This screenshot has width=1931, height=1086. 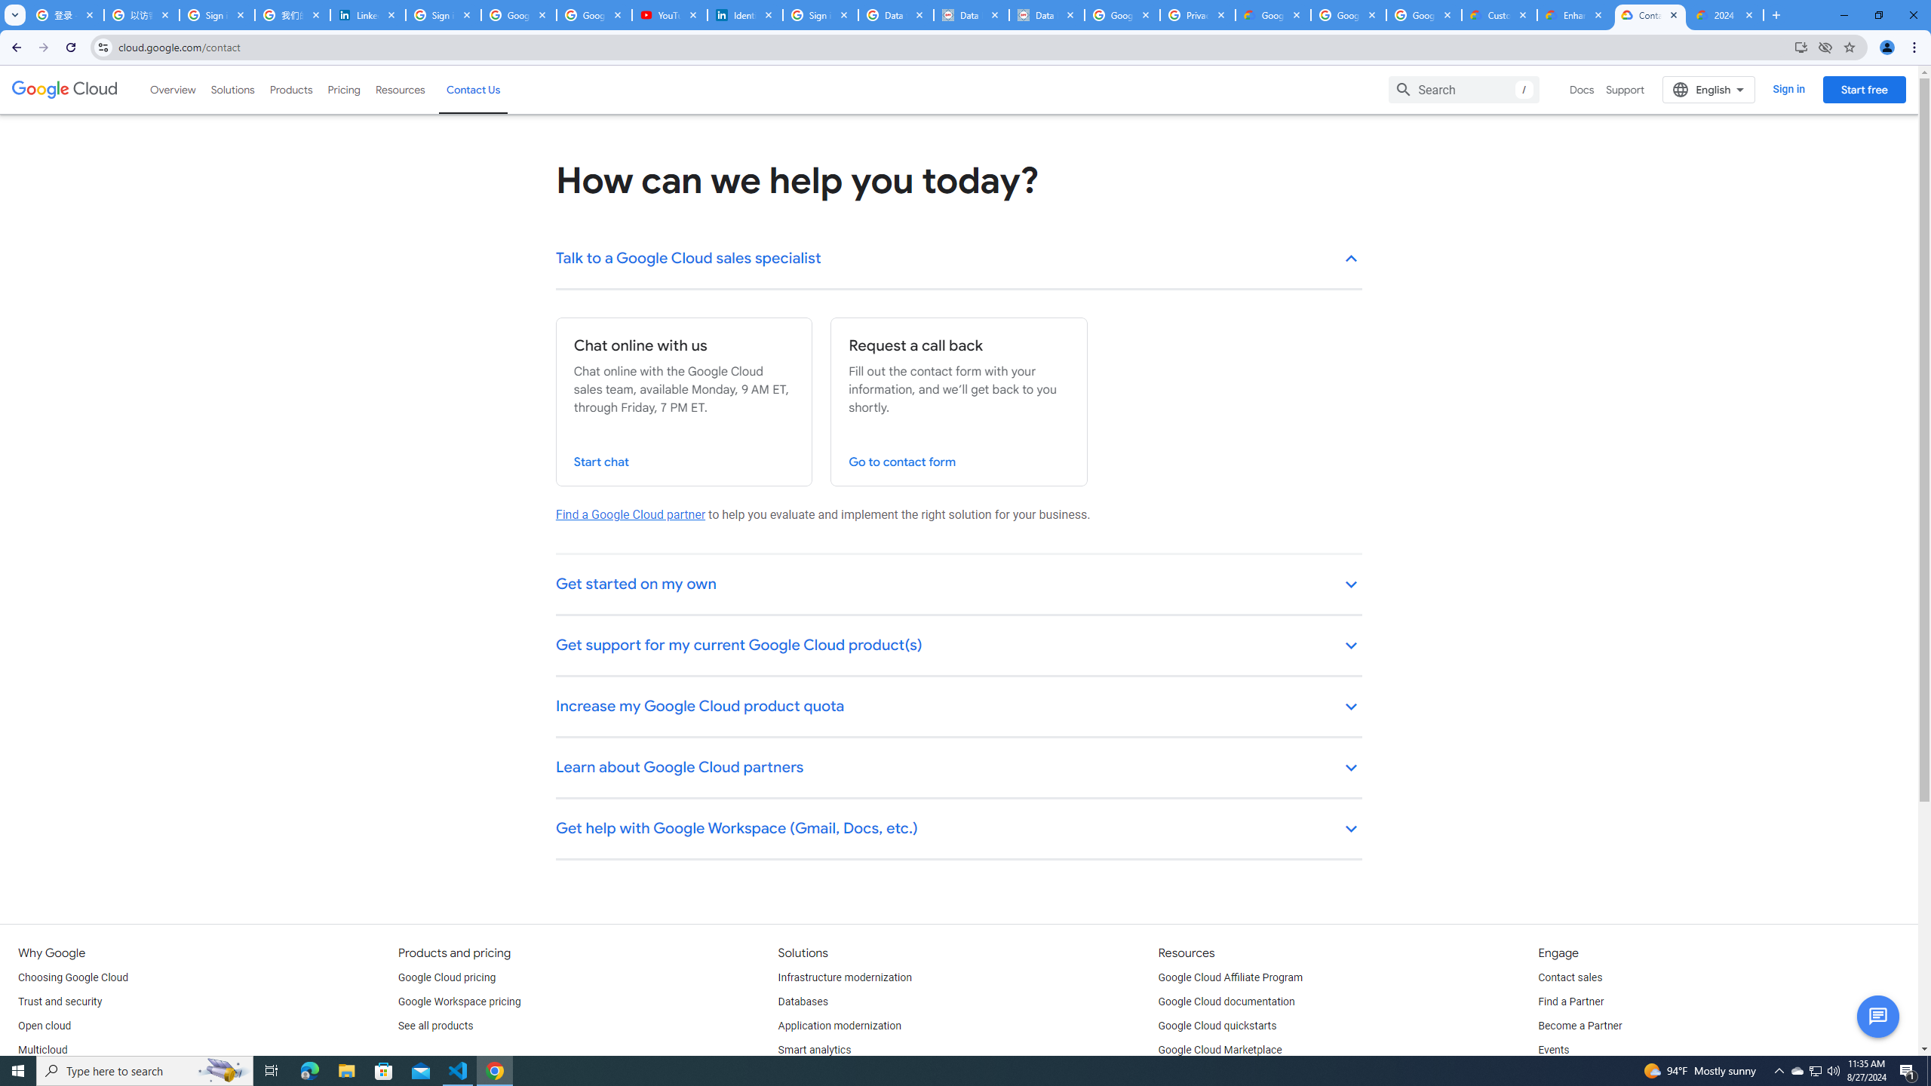 I want to click on 'Databases', so click(x=802, y=1002).